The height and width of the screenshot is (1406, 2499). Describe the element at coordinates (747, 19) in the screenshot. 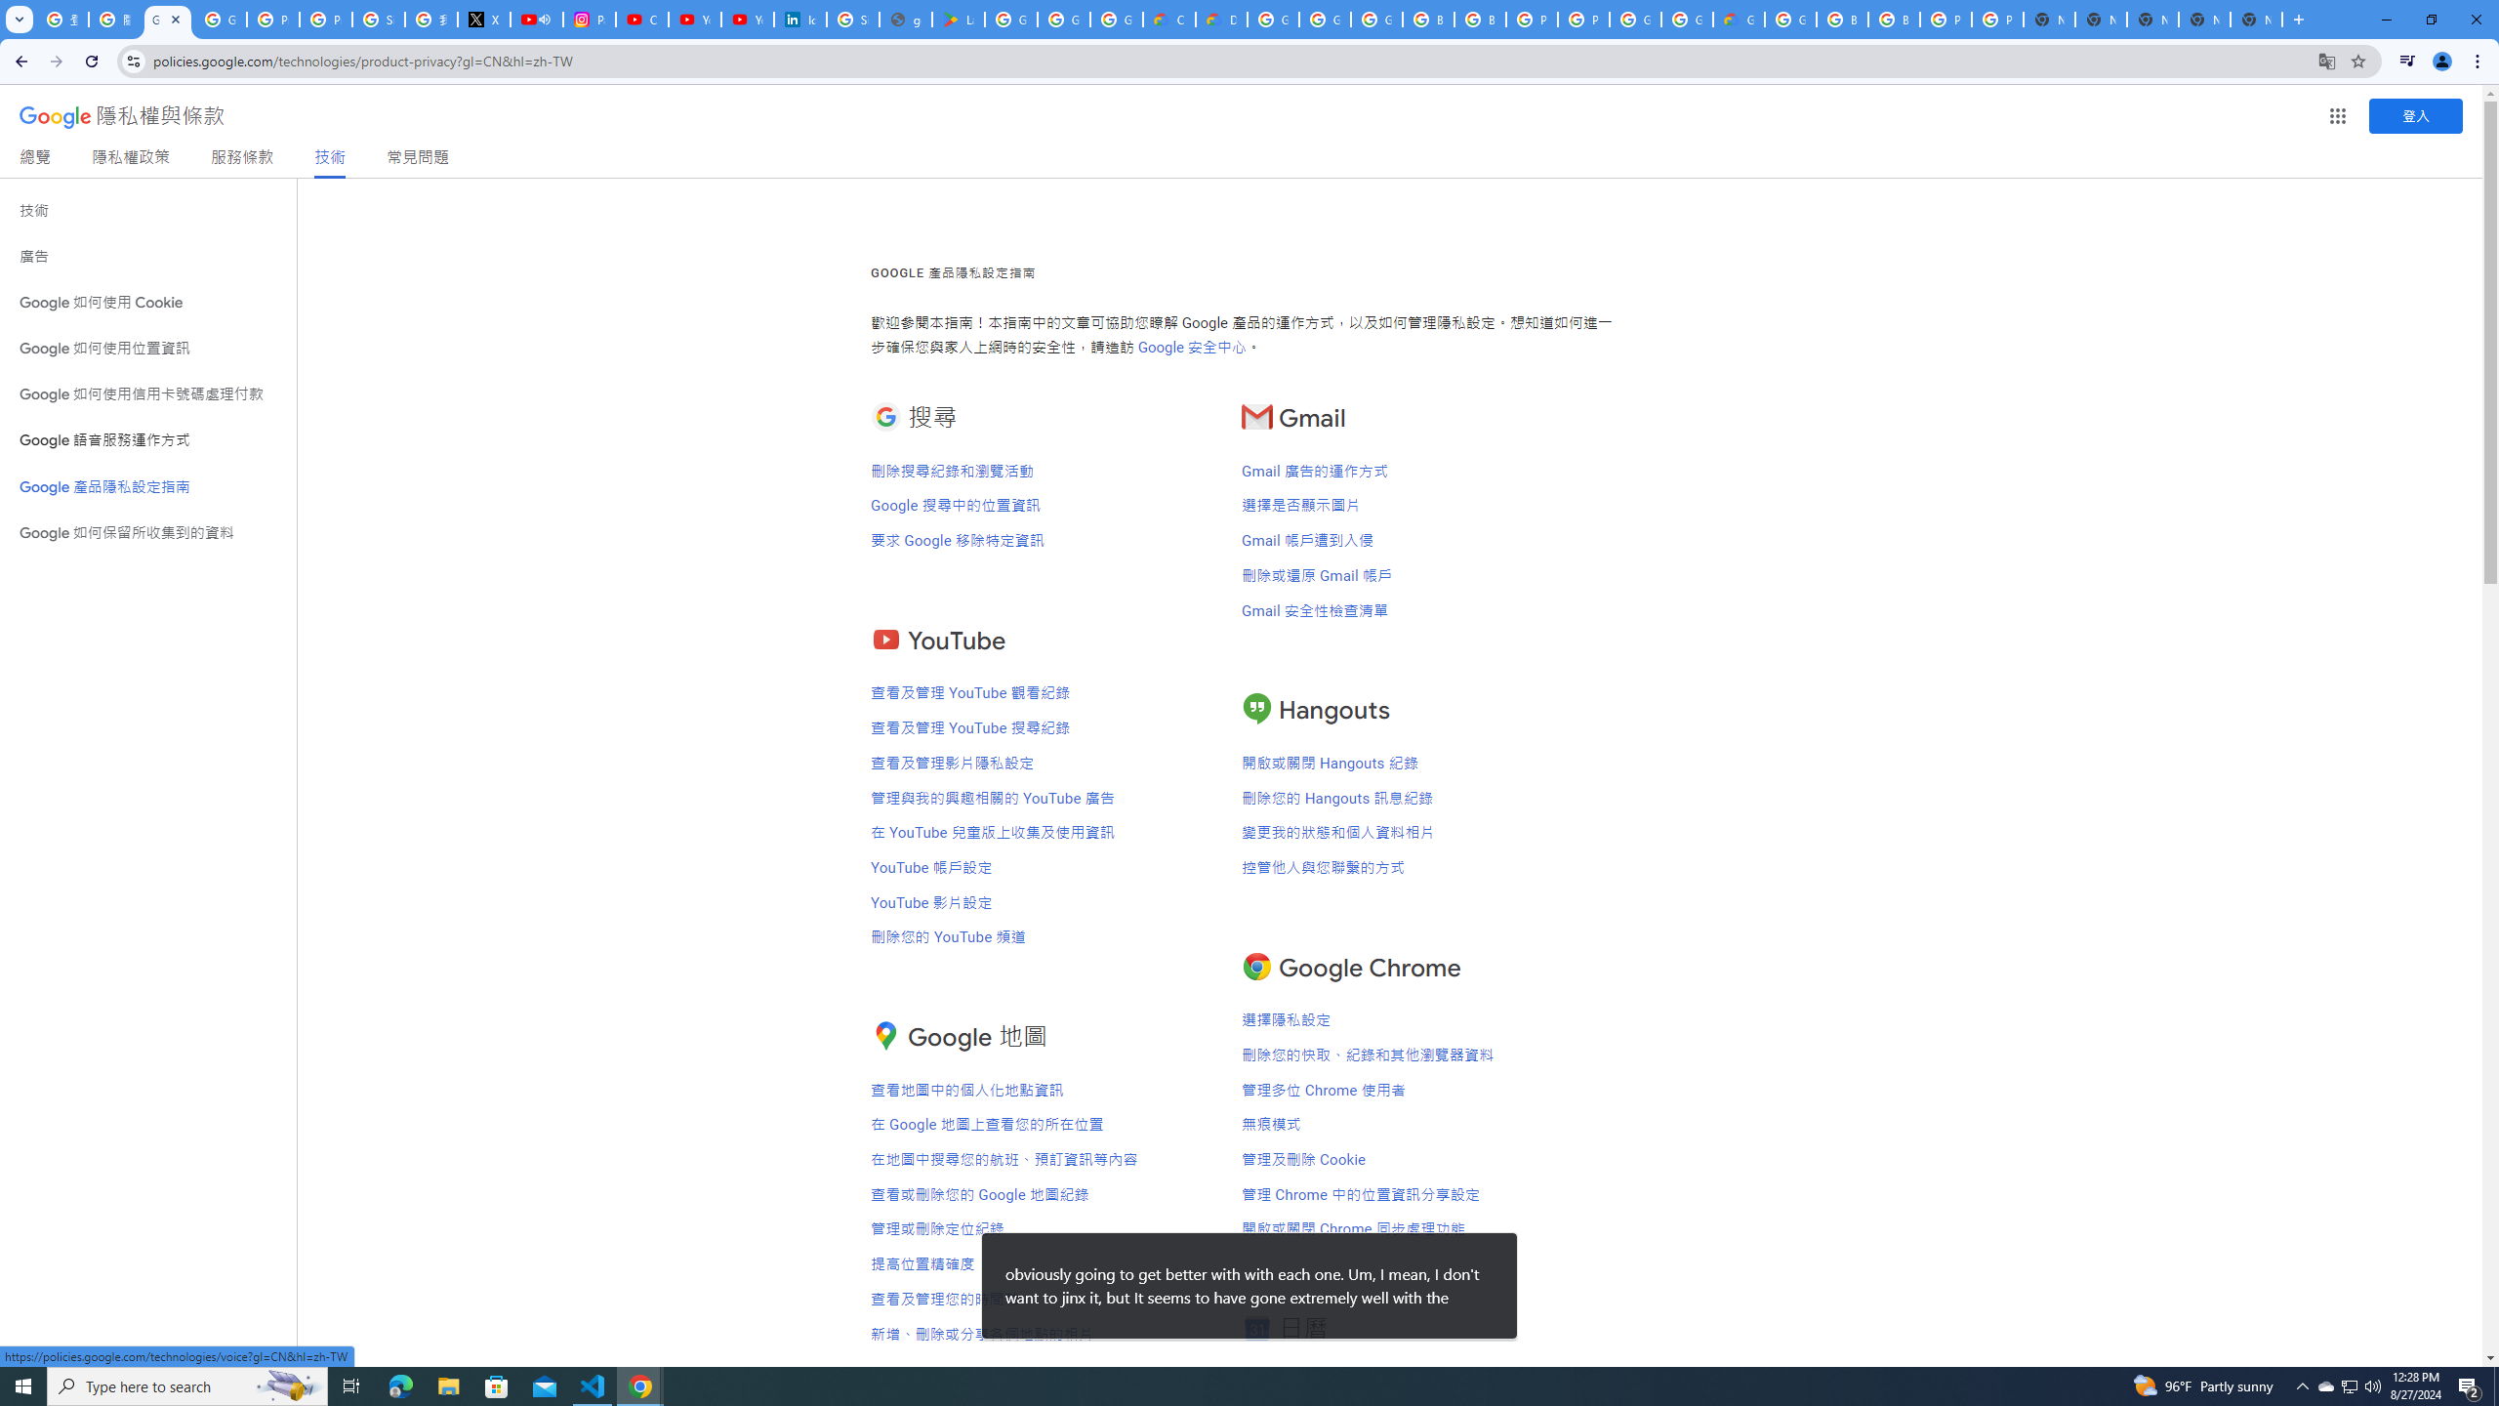

I see `'YouTube Culture & Trends - YouTube Top 10, 2021'` at that location.